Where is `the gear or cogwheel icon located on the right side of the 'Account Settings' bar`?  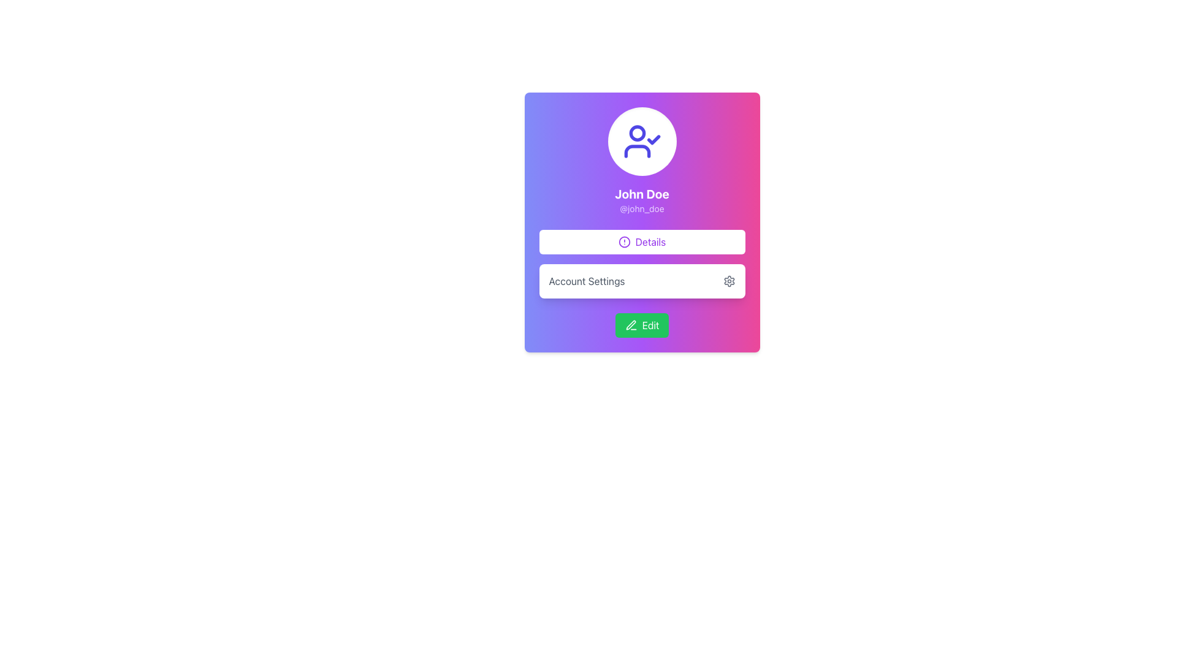 the gear or cogwheel icon located on the right side of the 'Account Settings' bar is located at coordinates (729, 281).